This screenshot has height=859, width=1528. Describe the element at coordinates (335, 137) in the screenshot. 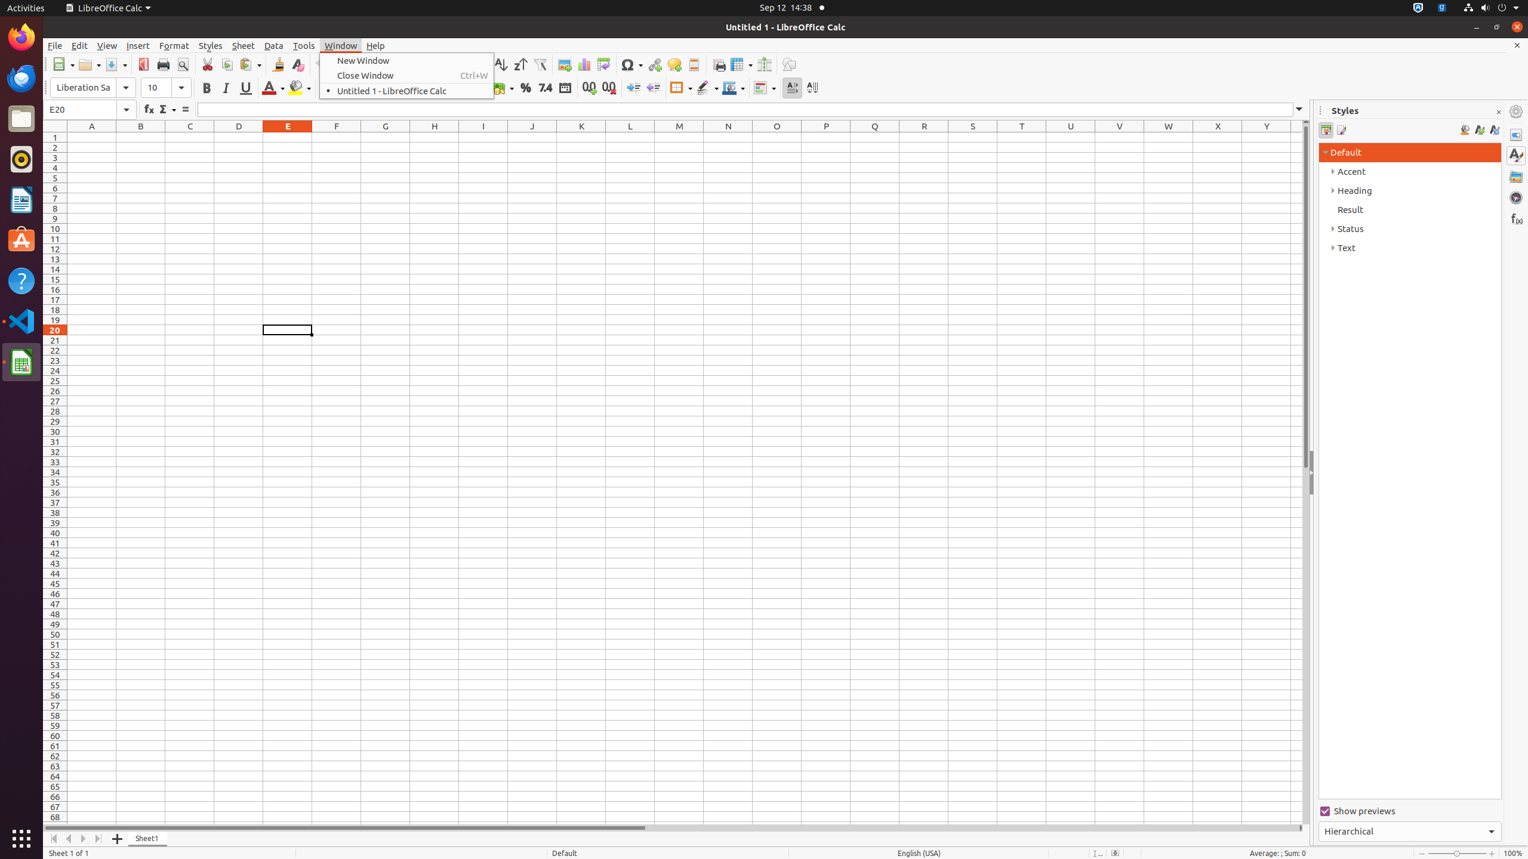

I see `'F1'` at that location.